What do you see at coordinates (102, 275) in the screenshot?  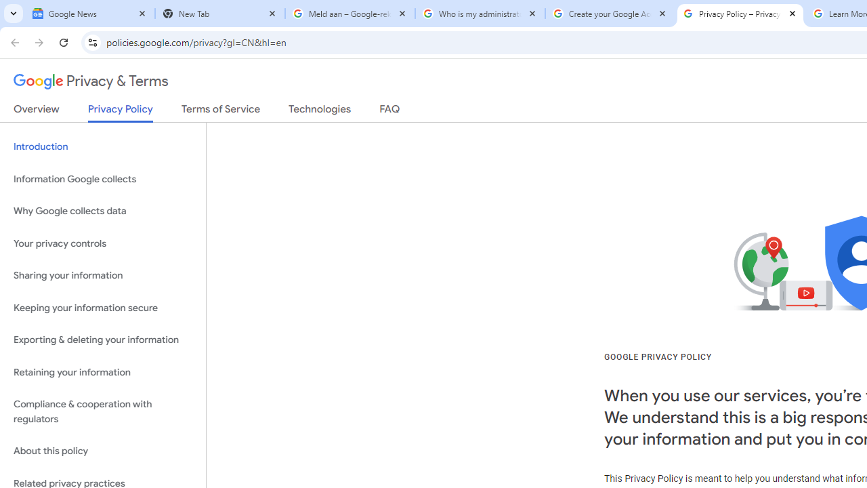 I see `'Sharing your information'` at bounding box center [102, 275].